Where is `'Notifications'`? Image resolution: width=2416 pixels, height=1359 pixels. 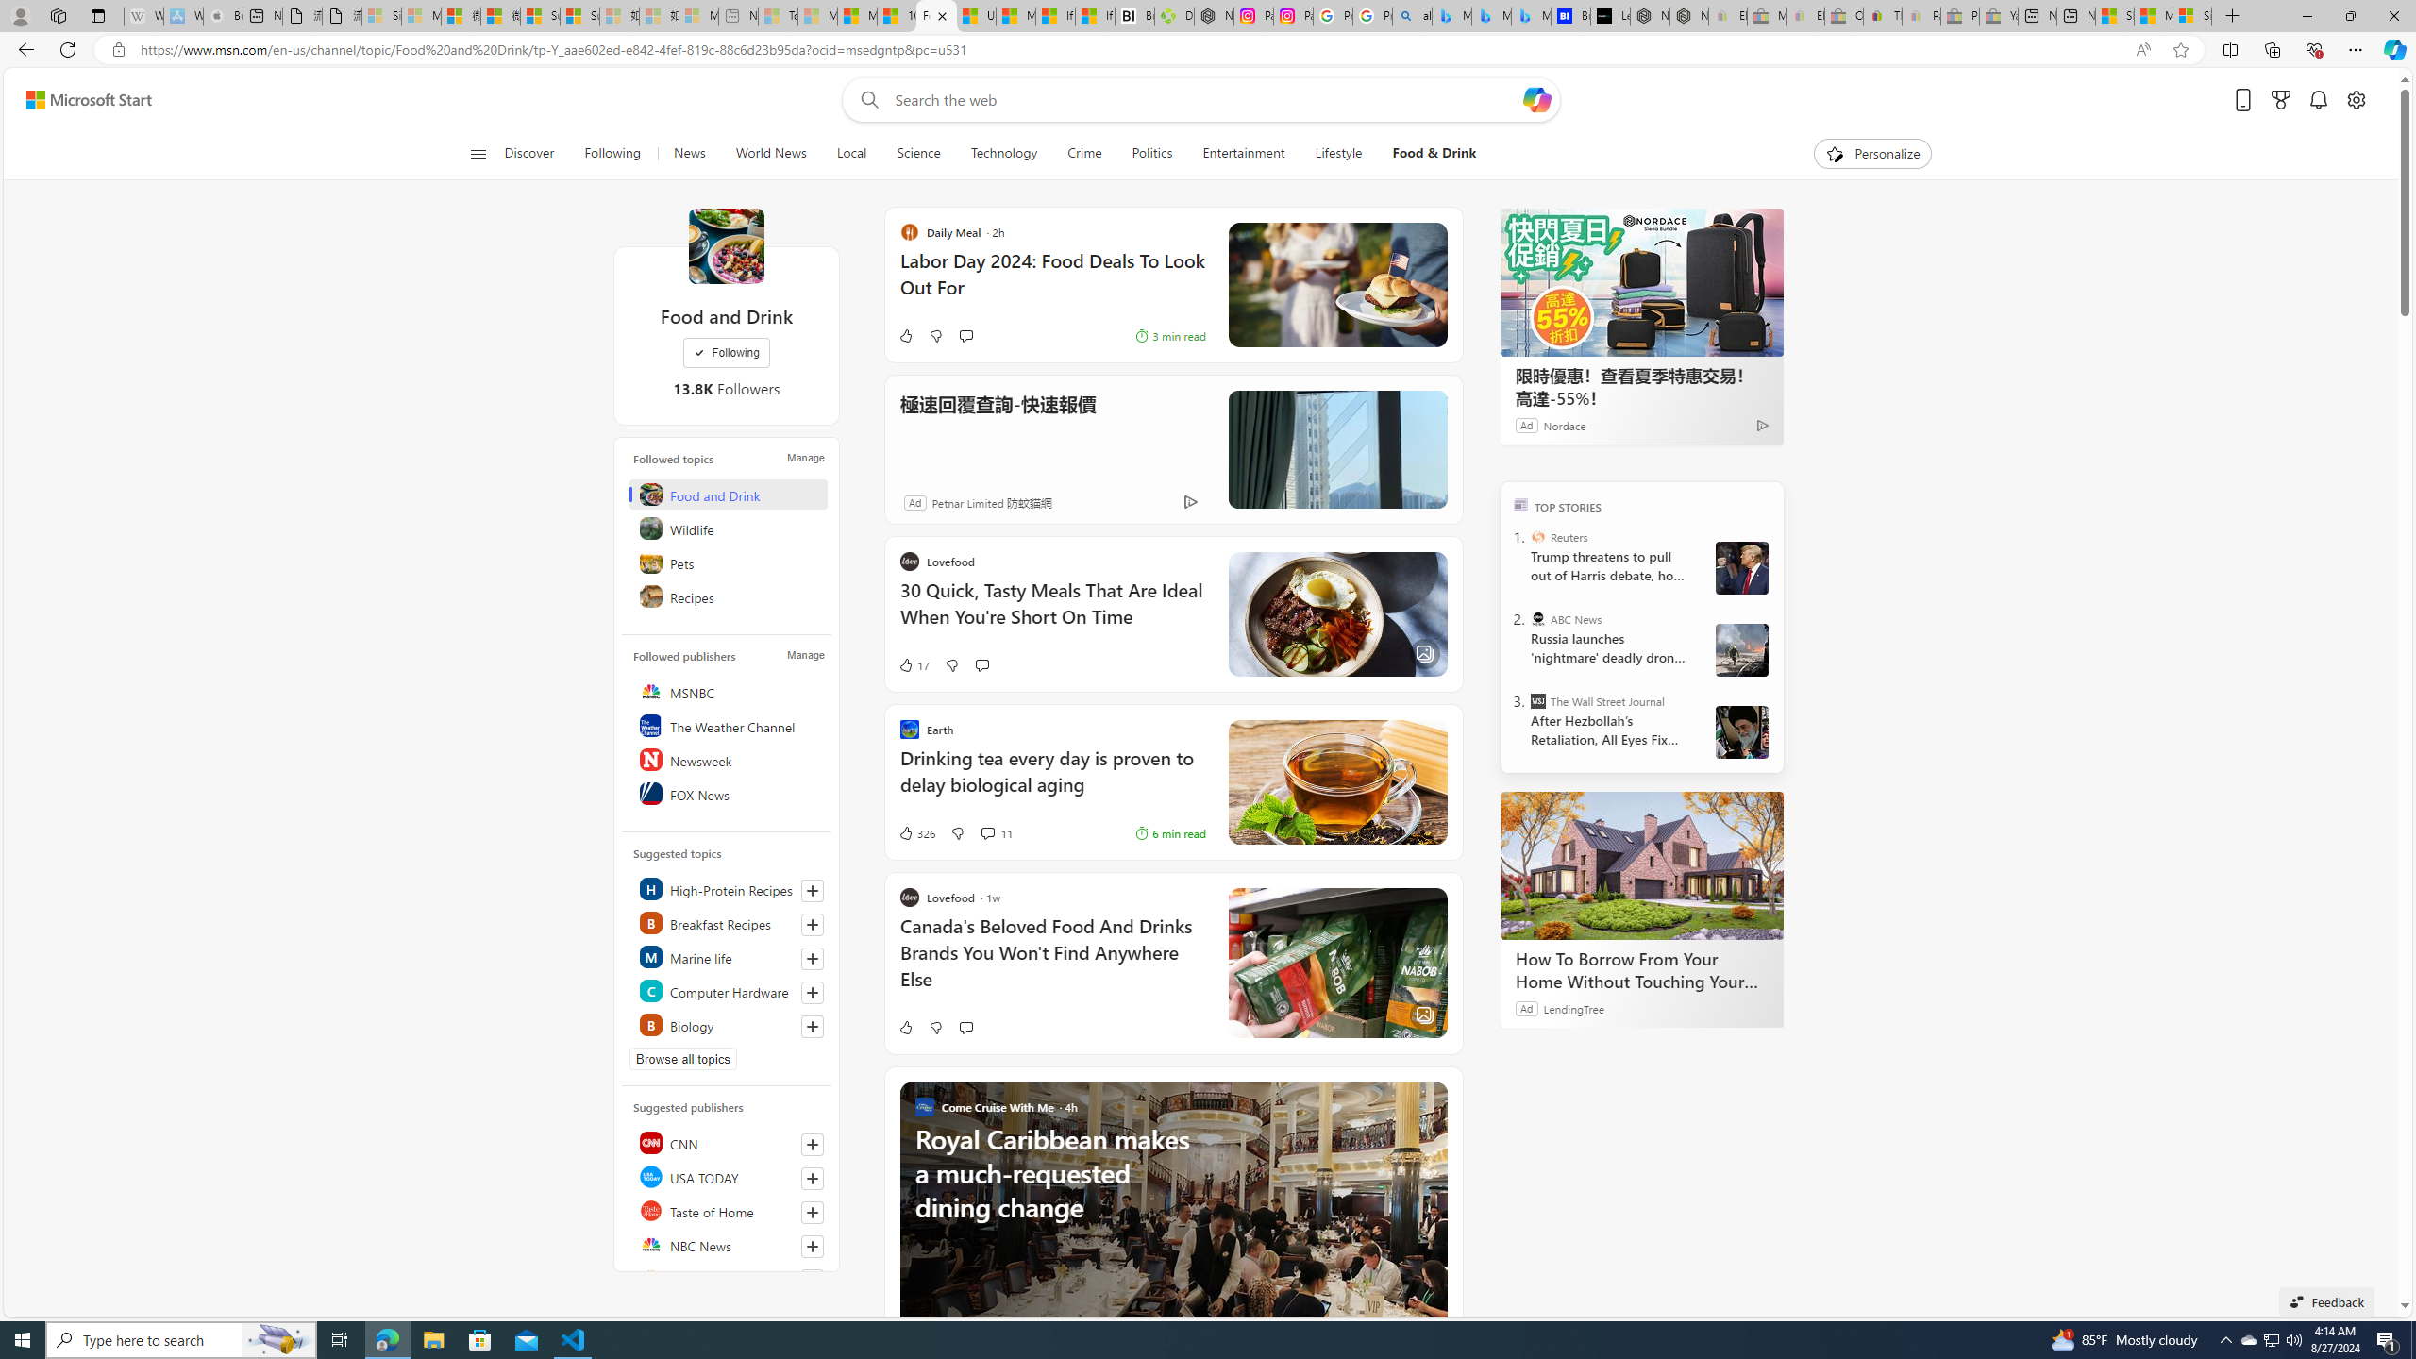
'Notifications' is located at coordinates (2319, 100).